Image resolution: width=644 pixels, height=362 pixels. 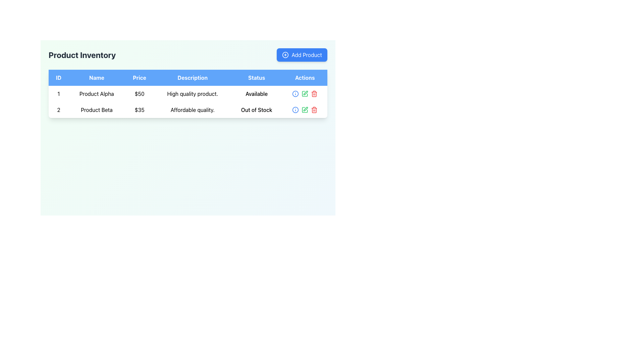 I want to click on the Icon Button located in the middle of the action icons within the 'Actions' column of the first row in the product table under the 'Product Inventory' section to change its color, so click(x=295, y=109).